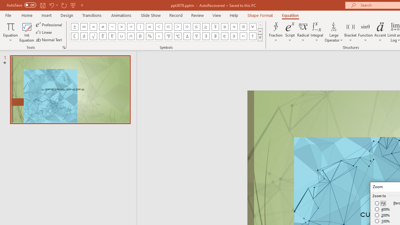 The image size is (400, 225). What do you see at coordinates (380, 203) in the screenshot?
I see `'Fit'` at bounding box center [380, 203].